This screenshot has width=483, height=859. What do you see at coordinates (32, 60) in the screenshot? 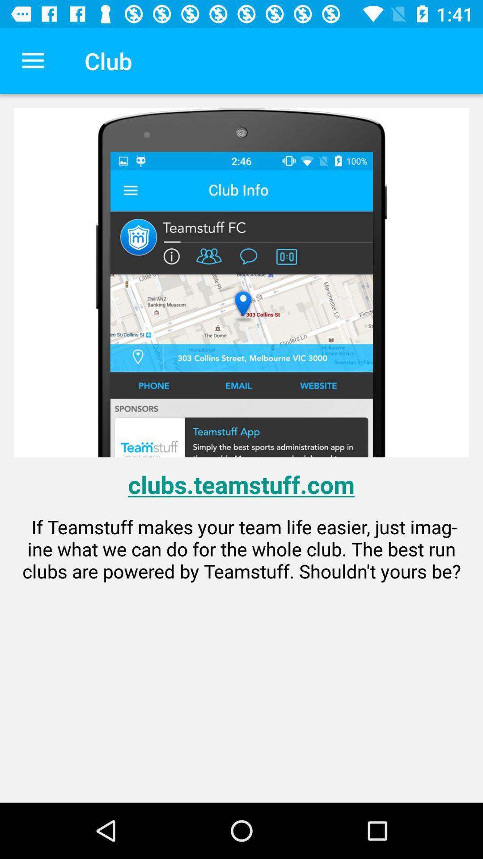
I see `icon next to club item` at bounding box center [32, 60].